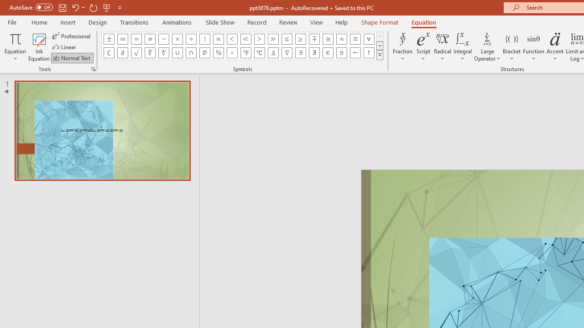 The image size is (584, 328). I want to click on 'Equation Symbols', so click(380, 55).